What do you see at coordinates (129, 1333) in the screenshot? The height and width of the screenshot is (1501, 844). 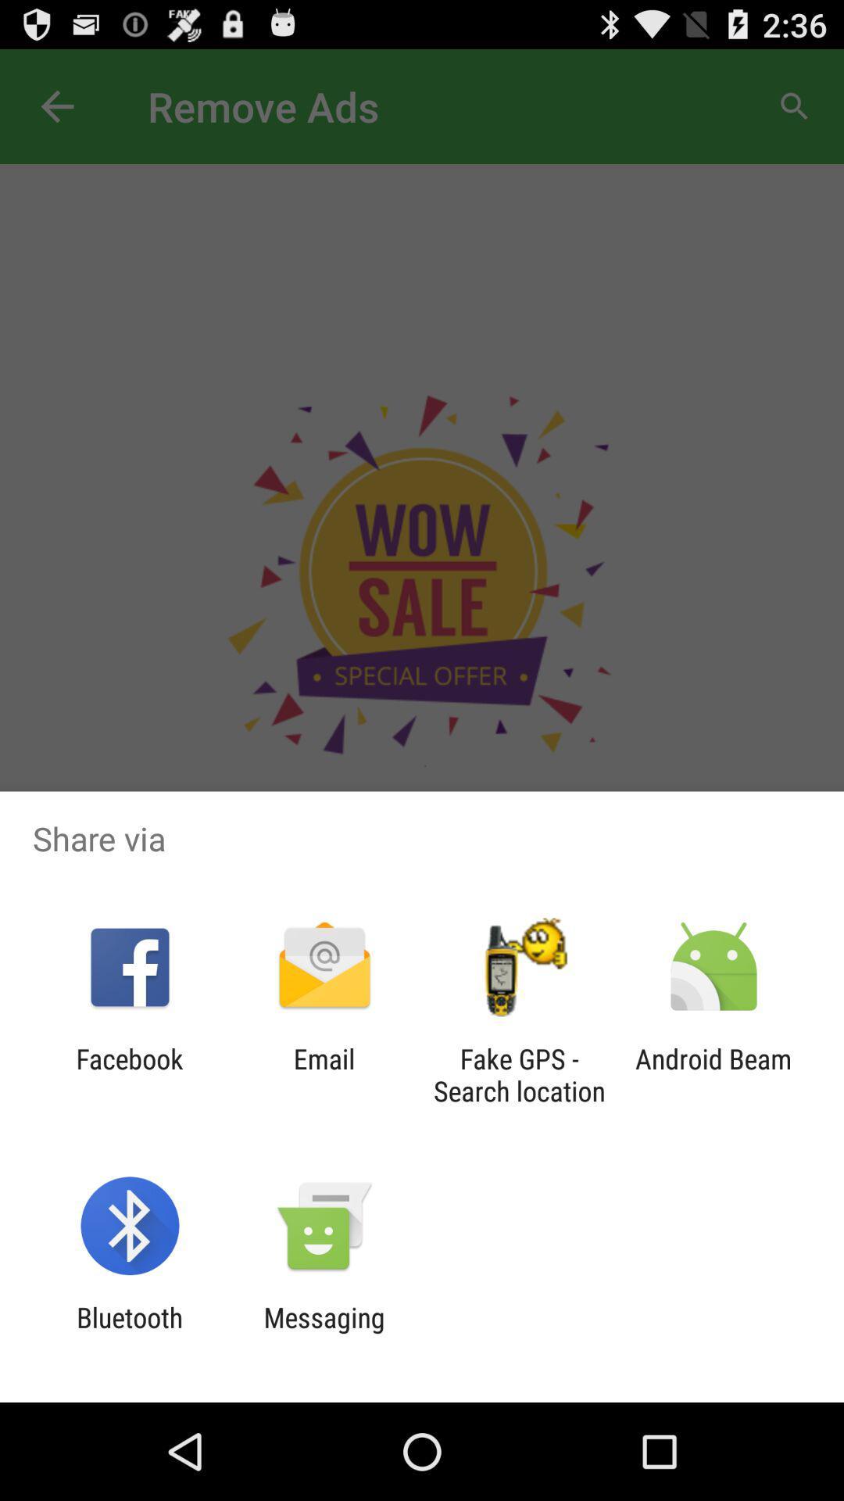 I see `app next to the messaging icon` at bounding box center [129, 1333].